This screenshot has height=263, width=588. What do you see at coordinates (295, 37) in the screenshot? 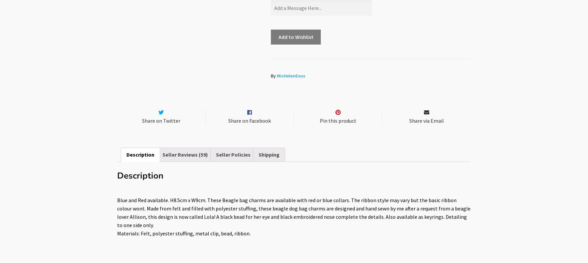
I see `'Add to Wishlist'` at bounding box center [295, 37].